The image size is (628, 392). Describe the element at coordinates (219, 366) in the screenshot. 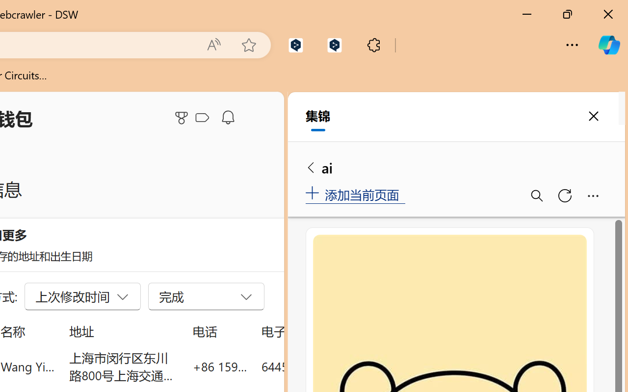

I see `'+86 159 0032 4640'` at that location.